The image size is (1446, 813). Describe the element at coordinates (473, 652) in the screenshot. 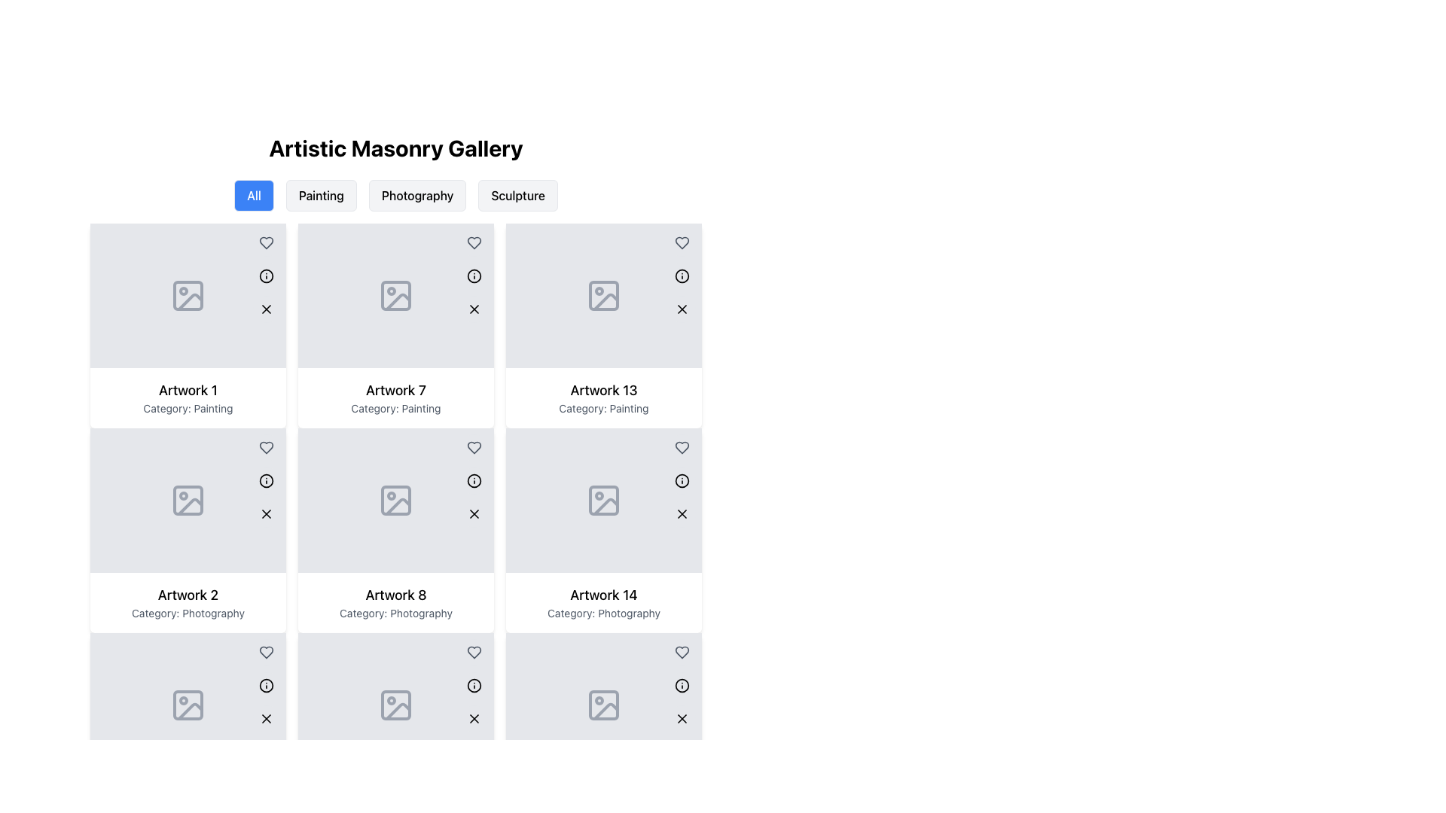

I see `the heart button in the top-right corner of the 'Artwork 8' card to mark it as a favorite` at that location.